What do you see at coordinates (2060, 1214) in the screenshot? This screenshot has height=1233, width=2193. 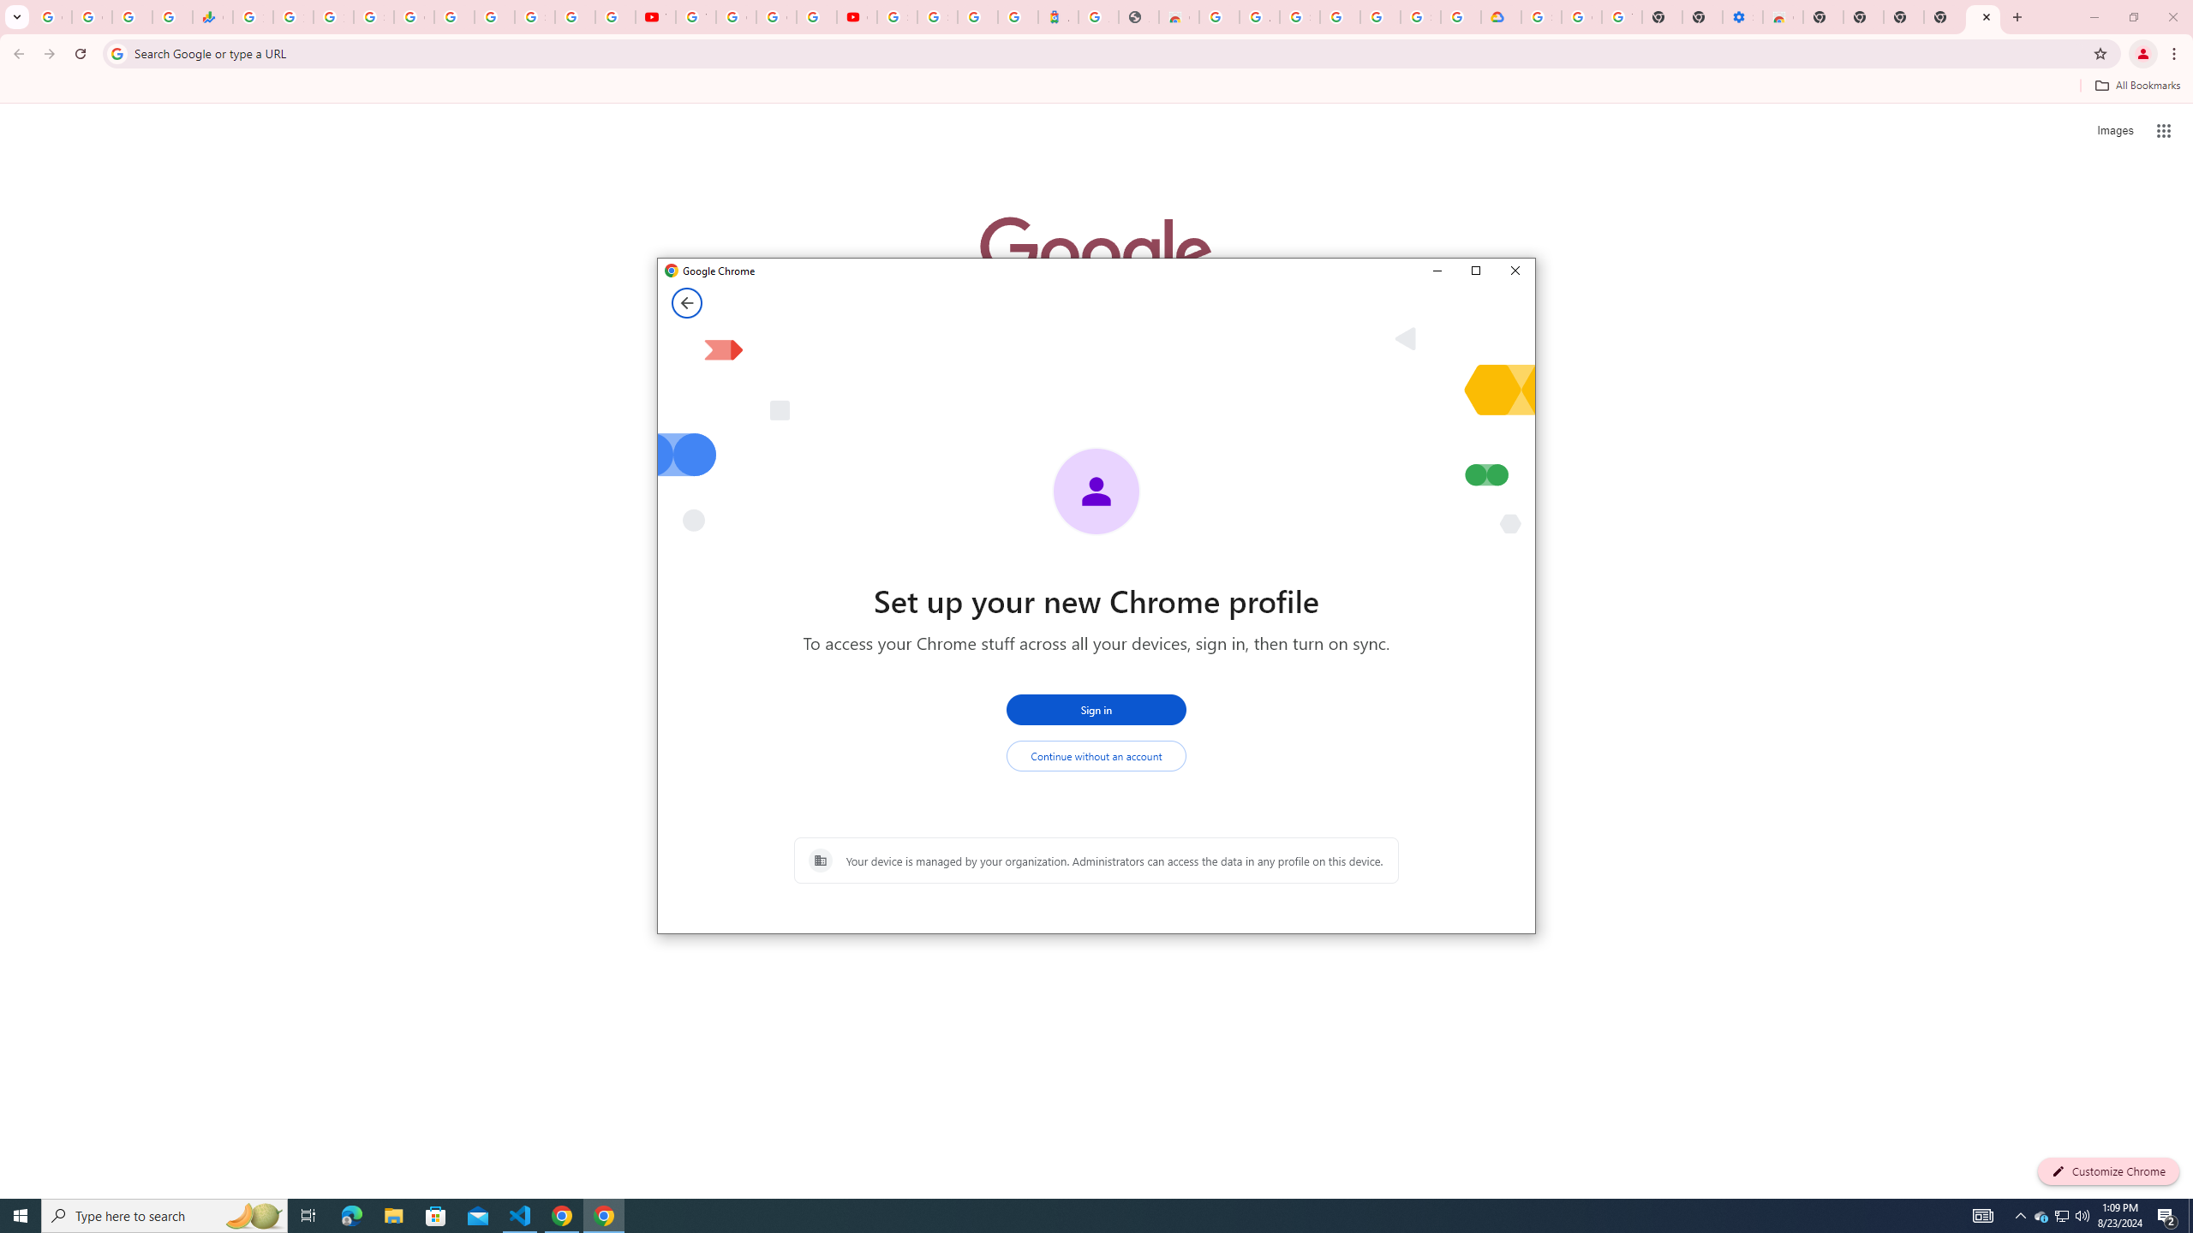 I see `'User Promoted Notification Area'` at bounding box center [2060, 1214].